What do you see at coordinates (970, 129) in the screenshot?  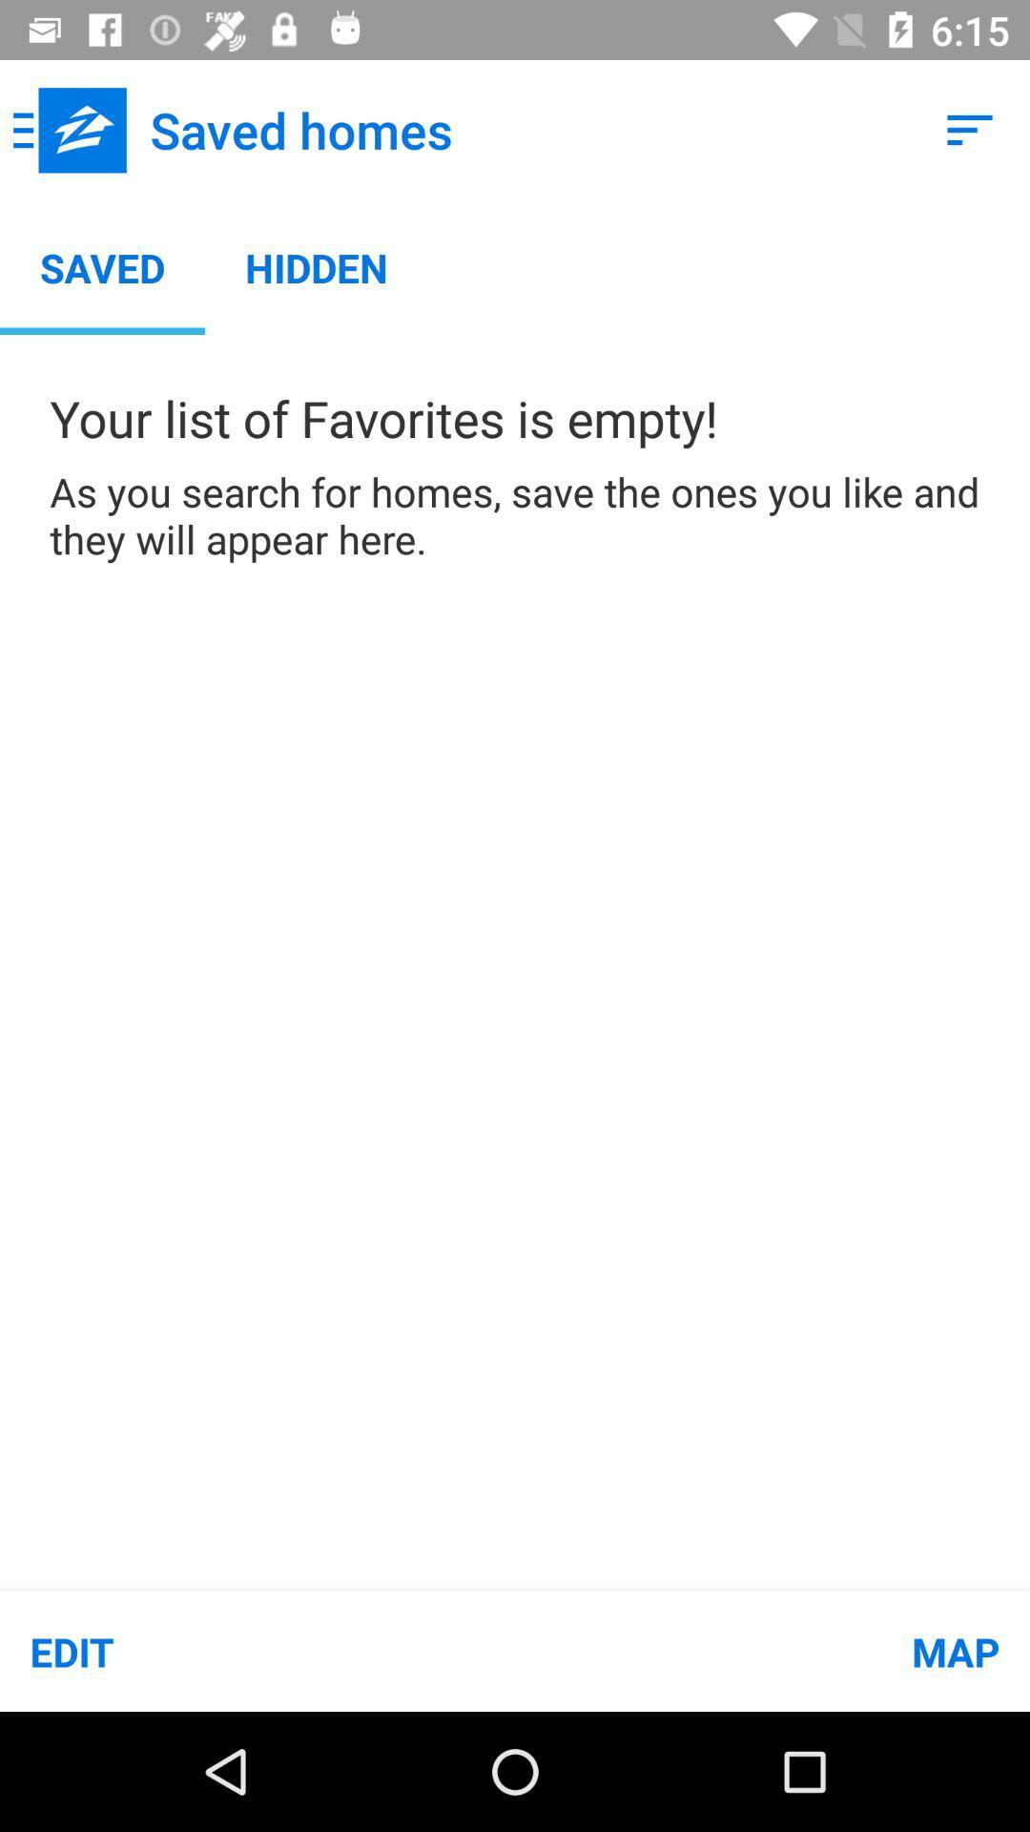 I see `the icon above the as you search item` at bounding box center [970, 129].